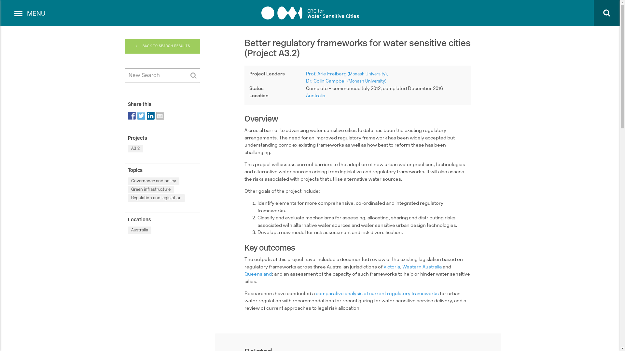  I want to click on 'Toggle navigation, so click(11, 18).